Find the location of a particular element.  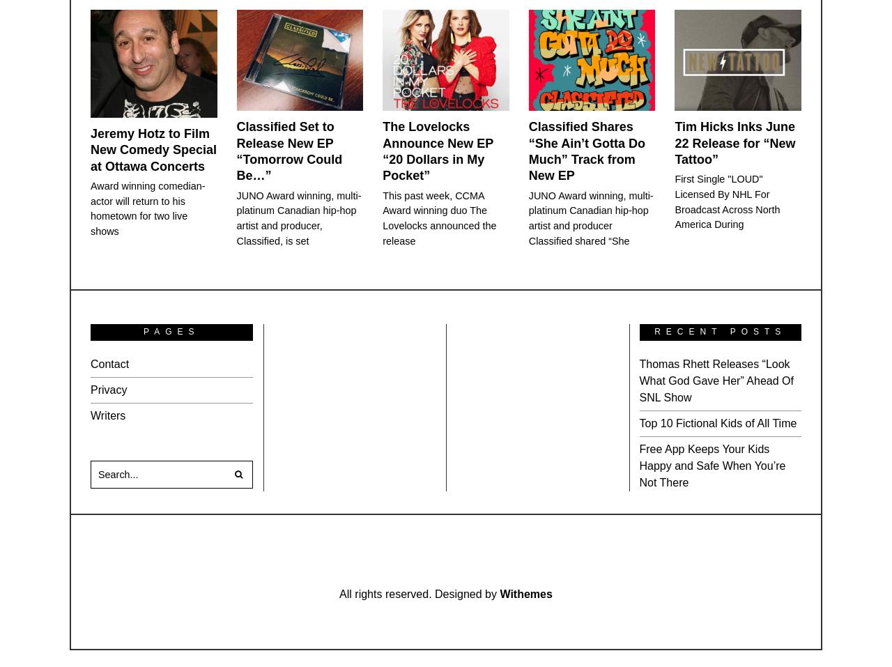

'Thomas Rhett Releases “Look What God Gave Her” Ahead Of SNL Show' is located at coordinates (716, 380).